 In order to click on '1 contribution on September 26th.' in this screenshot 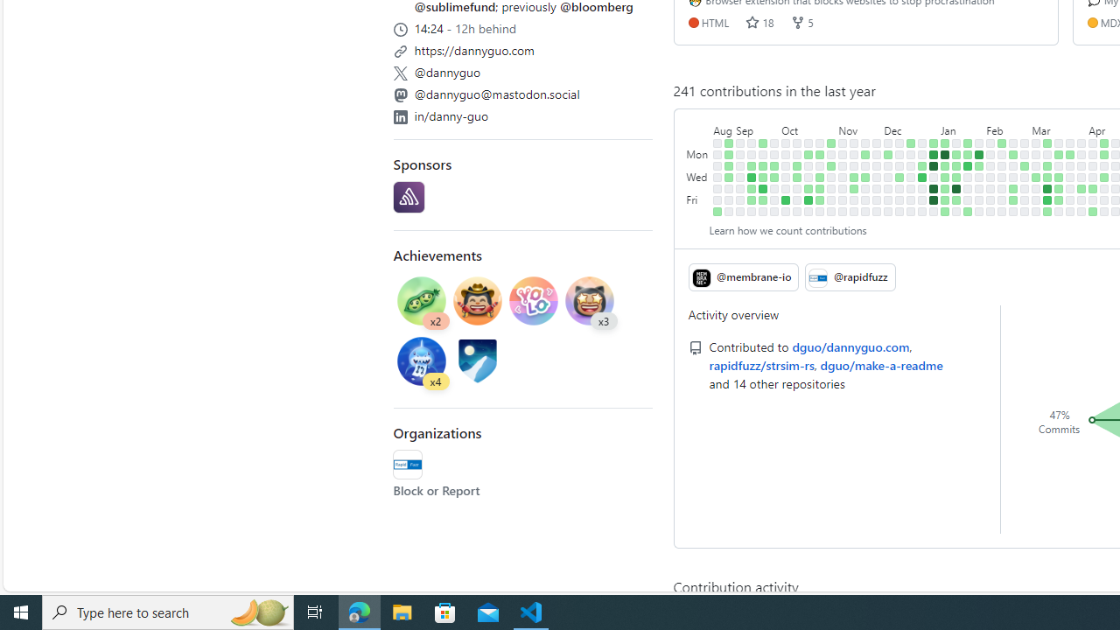, I will do `click(773, 165)`.